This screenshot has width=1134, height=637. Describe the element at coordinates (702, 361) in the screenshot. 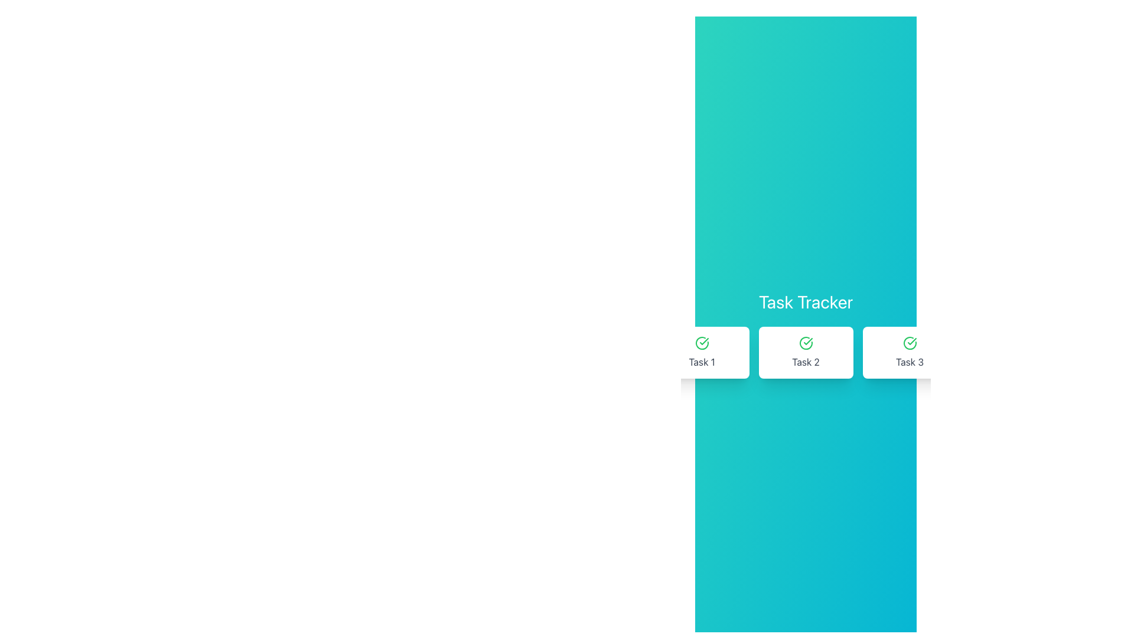

I see `the text label located at the bottom-central part of the leftmost card in a row of three cards, positioned directly beneath a green check icon` at that location.